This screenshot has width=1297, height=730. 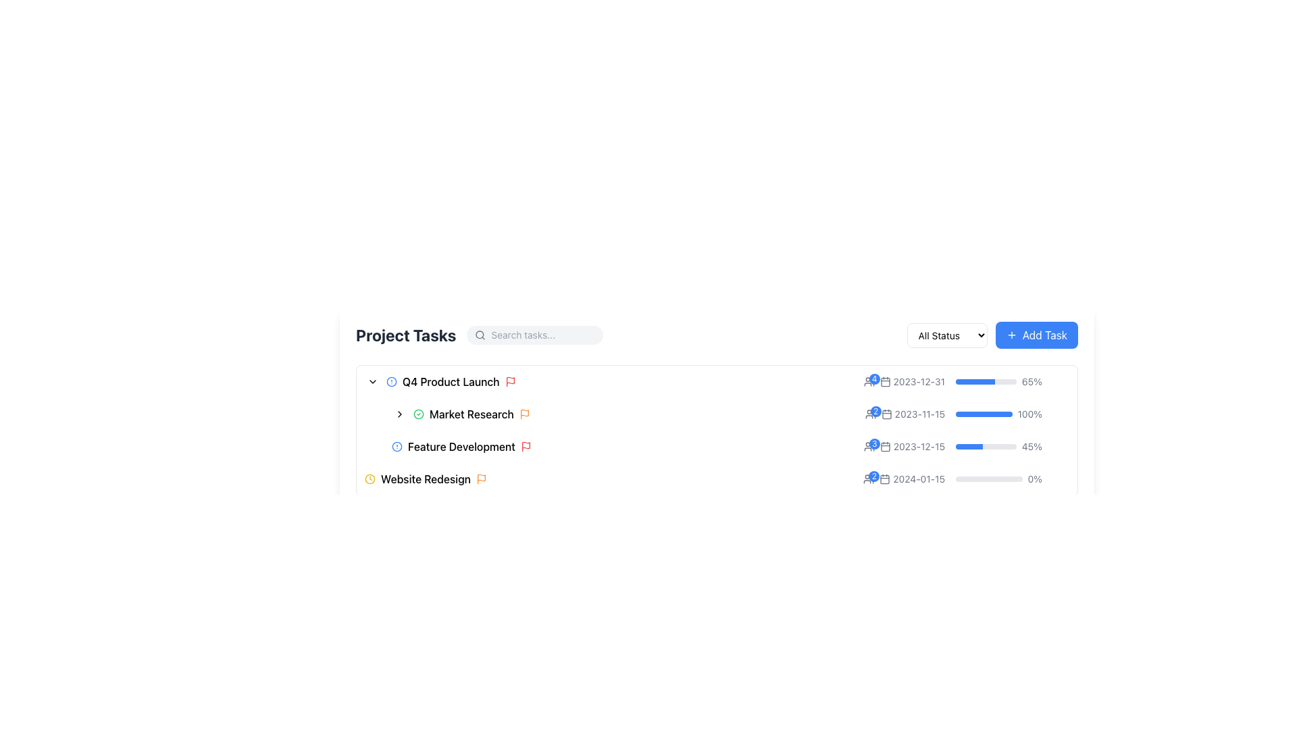 I want to click on task completion, so click(x=984, y=381).